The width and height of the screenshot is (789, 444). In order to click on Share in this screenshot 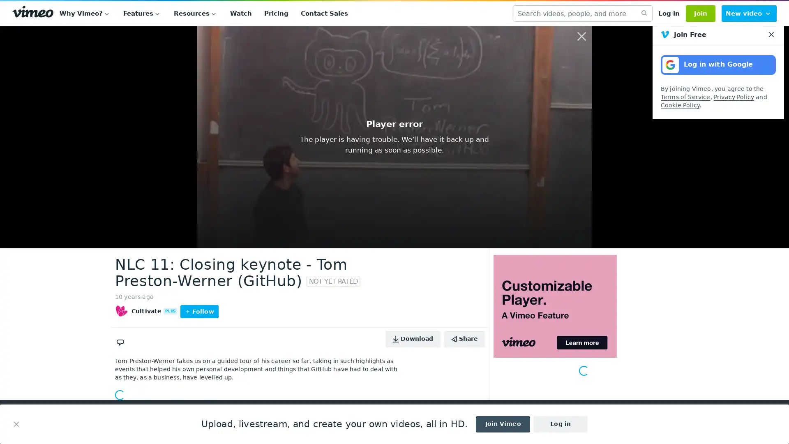, I will do `click(464, 339)`.